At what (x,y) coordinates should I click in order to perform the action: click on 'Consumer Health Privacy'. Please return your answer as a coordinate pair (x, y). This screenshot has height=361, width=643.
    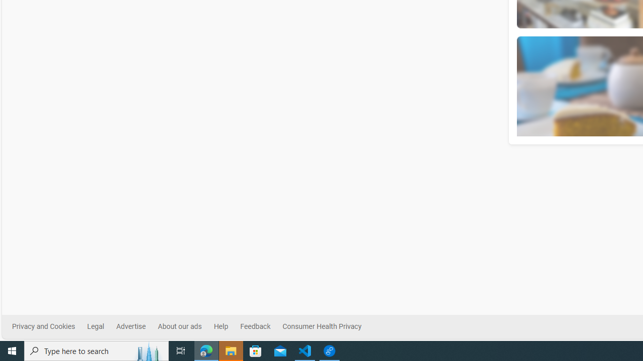
    Looking at the image, I should click on (328, 326).